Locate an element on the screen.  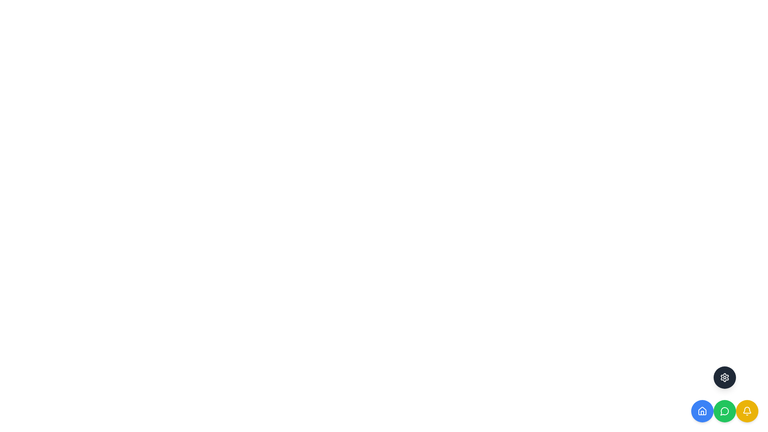
the bell icon located within the yellow circular button at the bottom-right corner of the interface is located at coordinates (746, 411).